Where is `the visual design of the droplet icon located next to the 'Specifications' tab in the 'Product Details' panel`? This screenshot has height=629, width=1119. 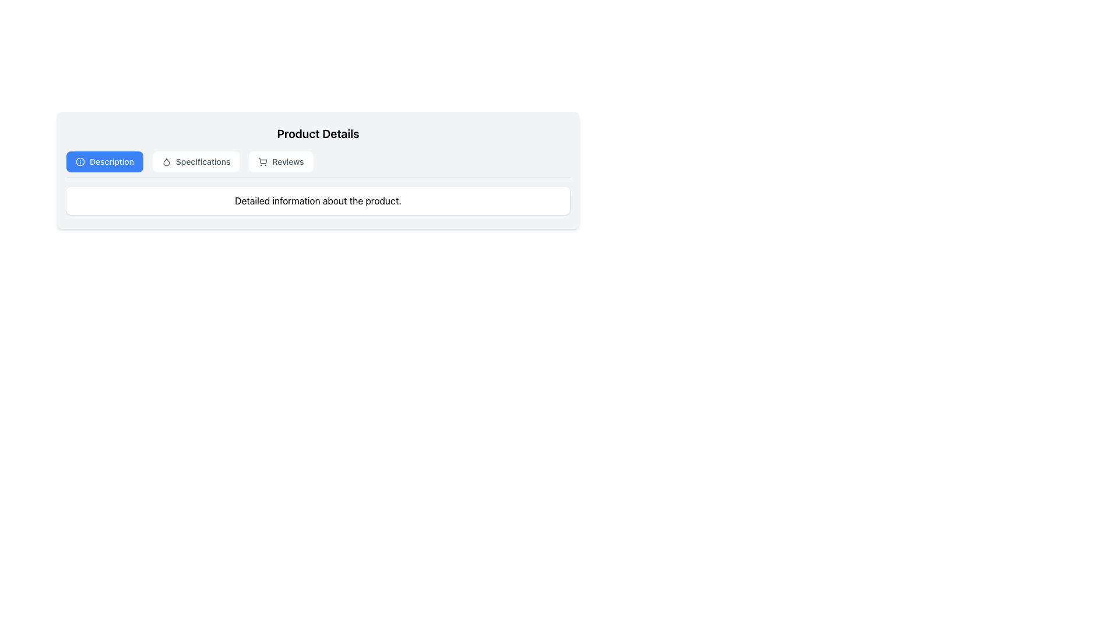
the visual design of the droplet icon located next to the 'Specifications' tab in the 'Product Details' panel is located at coordinates (166, 162).